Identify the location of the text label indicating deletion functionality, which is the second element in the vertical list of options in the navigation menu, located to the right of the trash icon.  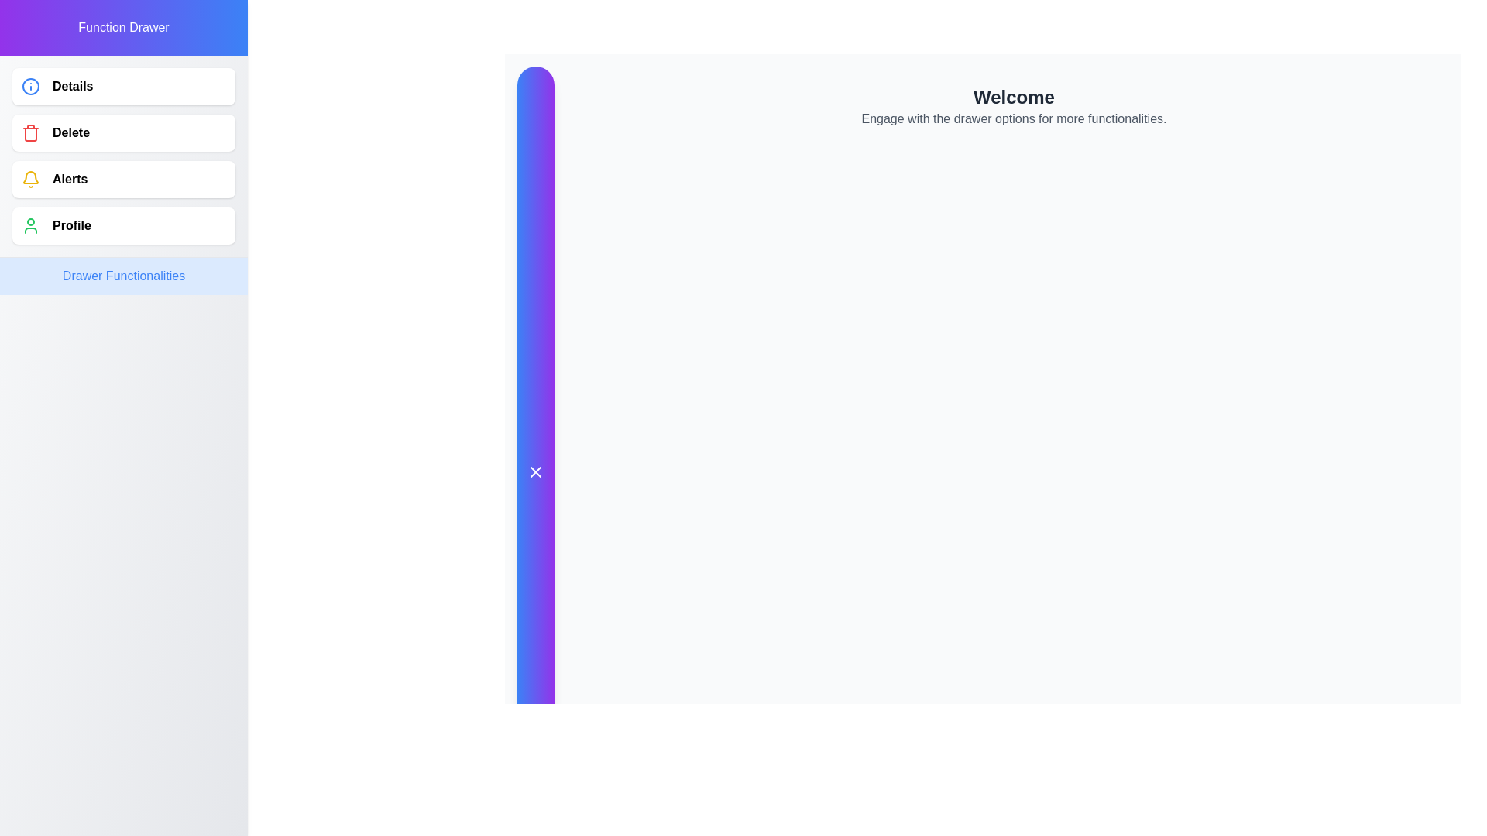
(70, 132).